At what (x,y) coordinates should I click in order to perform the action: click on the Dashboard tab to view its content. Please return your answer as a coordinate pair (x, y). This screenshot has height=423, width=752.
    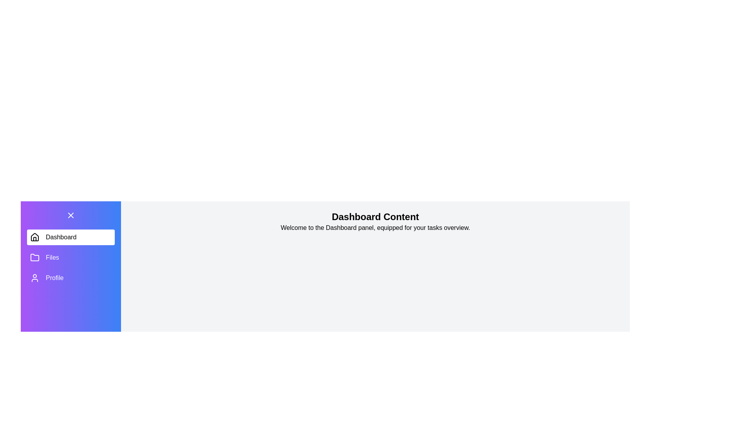
    Looking at the image, I should click on (71, 237).